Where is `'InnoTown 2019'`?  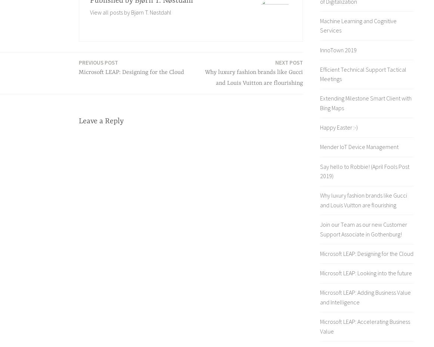 'InnoTown 2019' is located at coordinates (338, 50).